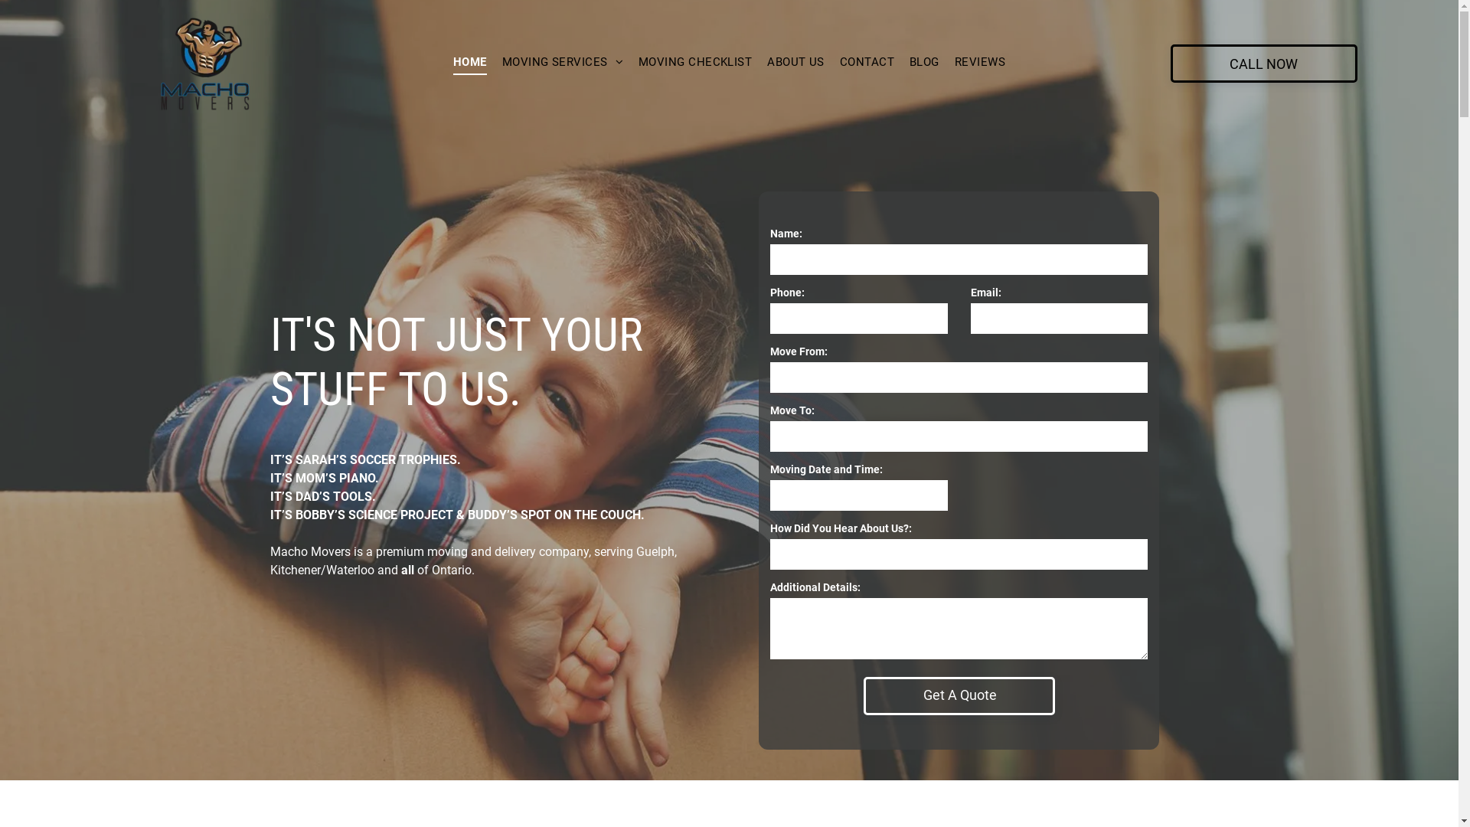 The width and height of the screenshot is (1470, 827). I want to click on 'MOVING SERVICES', so click(561, 61).